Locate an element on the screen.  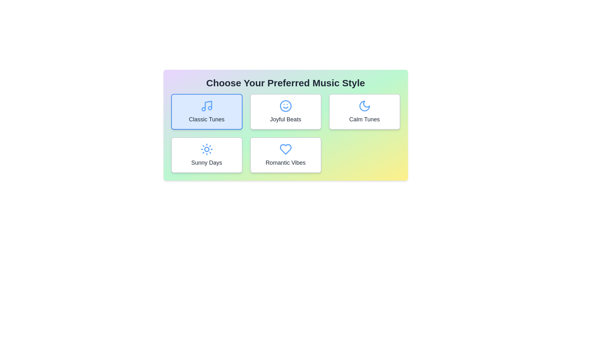
the selectable card in the top left corner of the grid layout is located at coordinates (207, 111).